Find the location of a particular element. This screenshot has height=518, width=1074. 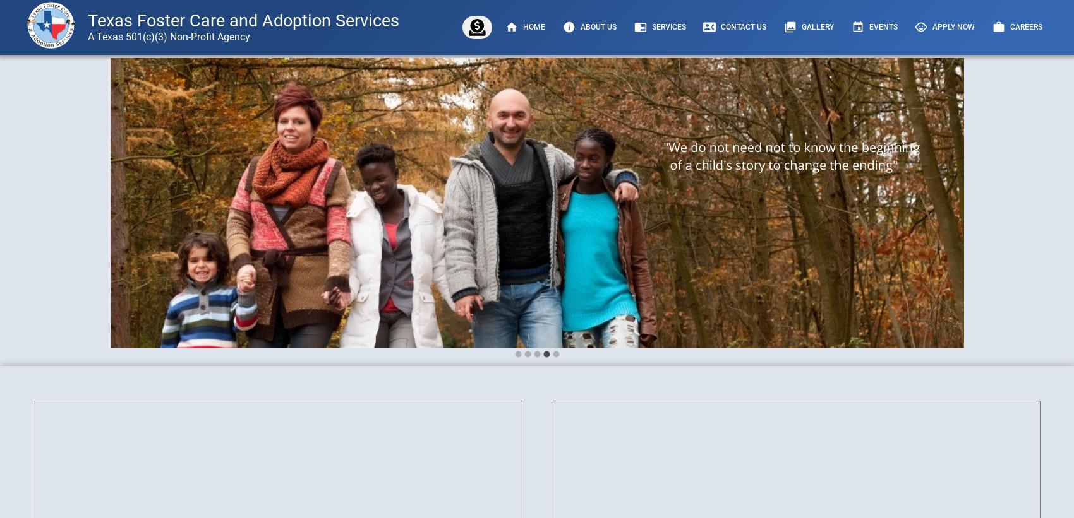

'Gallery' is located at coordinates (818, 26).